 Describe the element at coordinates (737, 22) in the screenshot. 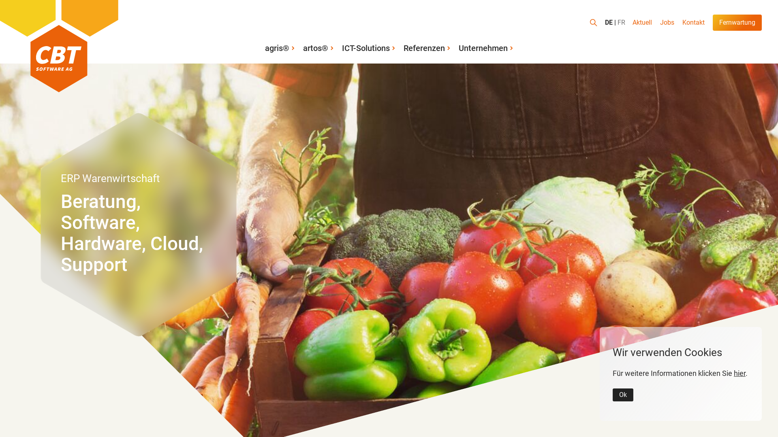

I see `'Fernwartung'` at that location.